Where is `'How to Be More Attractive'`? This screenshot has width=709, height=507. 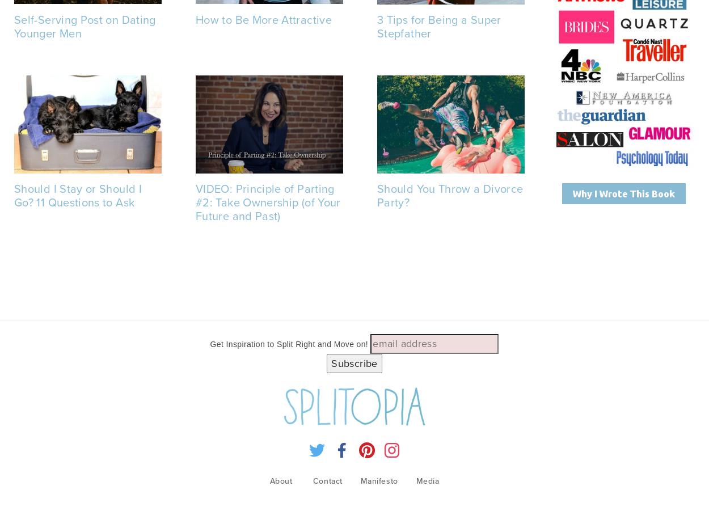
'How to Be More Attractive' is located at coordinates (195, 19).